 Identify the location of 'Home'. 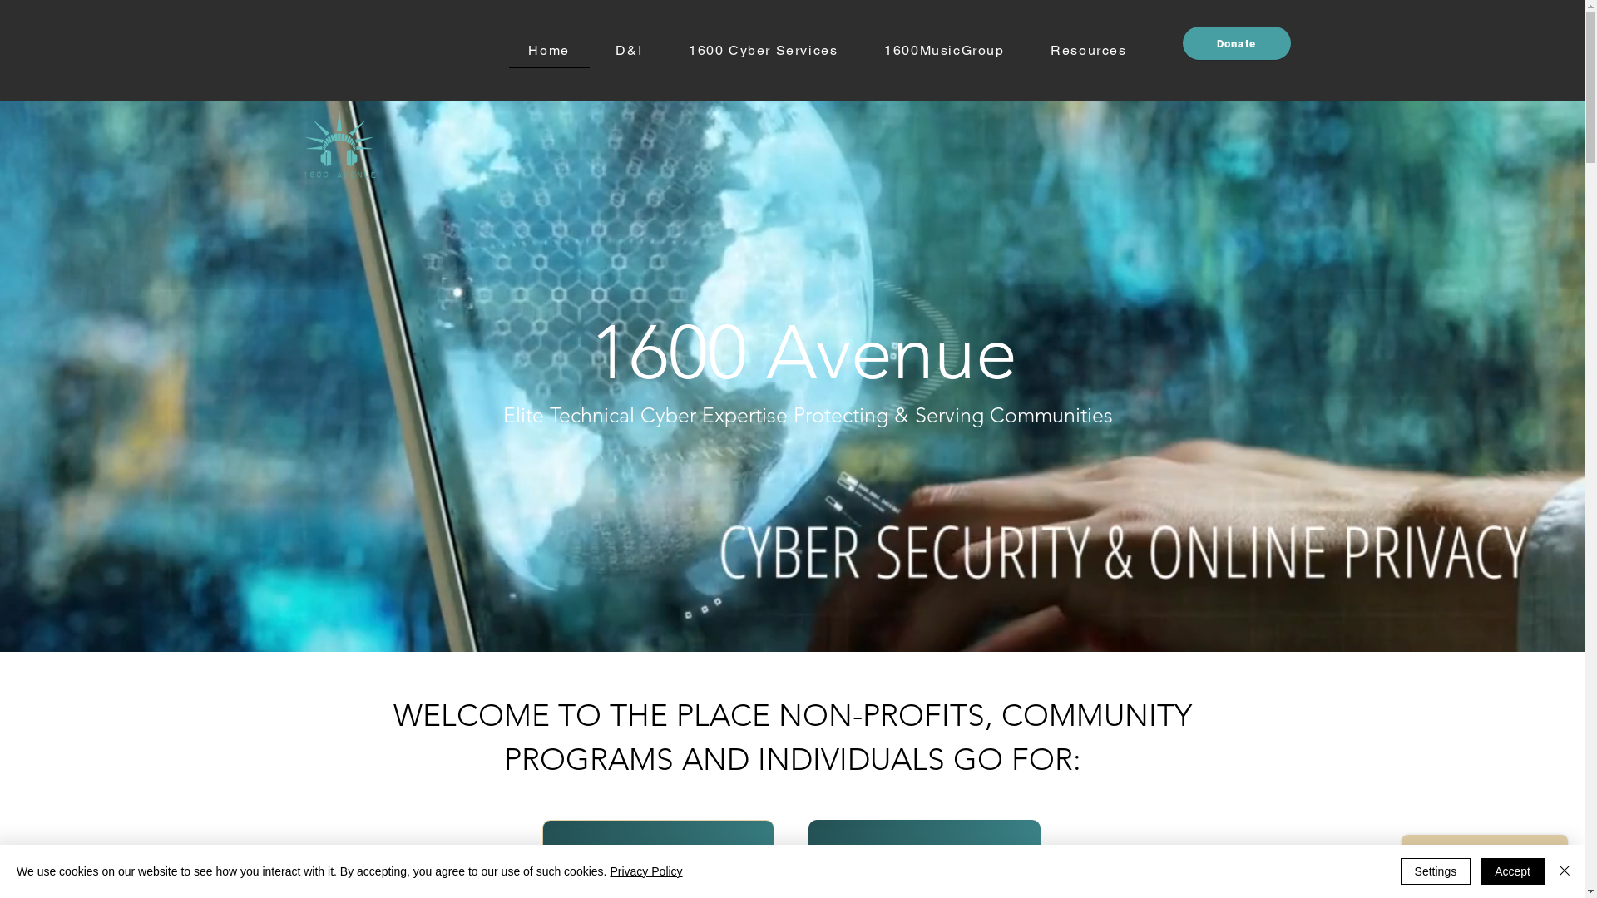
(549, 50).